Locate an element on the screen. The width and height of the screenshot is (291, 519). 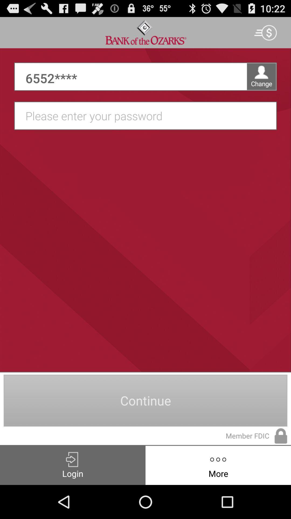
password bar is located at coordinates (148, 115).